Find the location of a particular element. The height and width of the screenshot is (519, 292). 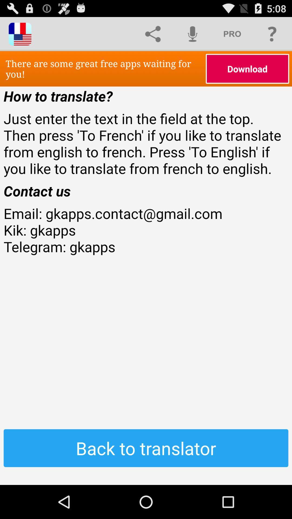

the email gkapps contact at the center is located at coordinates (146, 246).